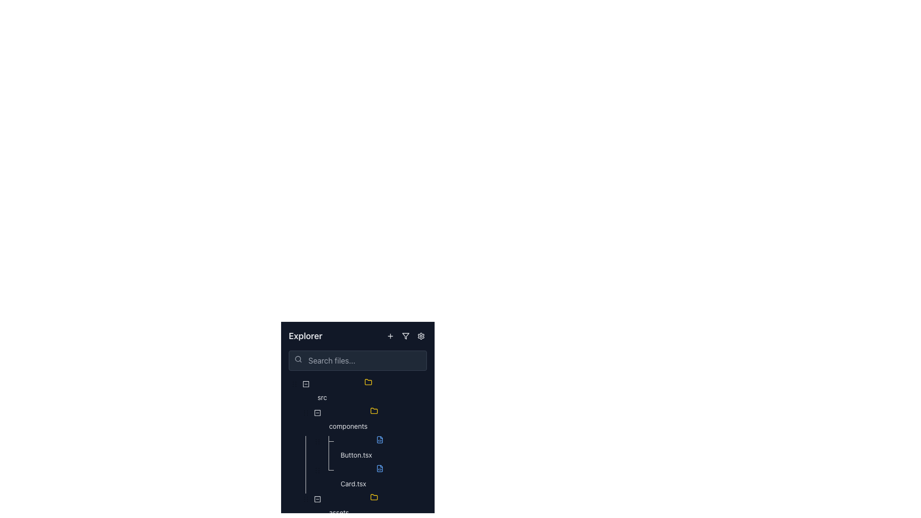 This screenshot has height=518, width=921. Describe the element at coordinates (357, 449) in the screenshot. I see `the Tree item representing the file 'Button.tsx'` at that location.